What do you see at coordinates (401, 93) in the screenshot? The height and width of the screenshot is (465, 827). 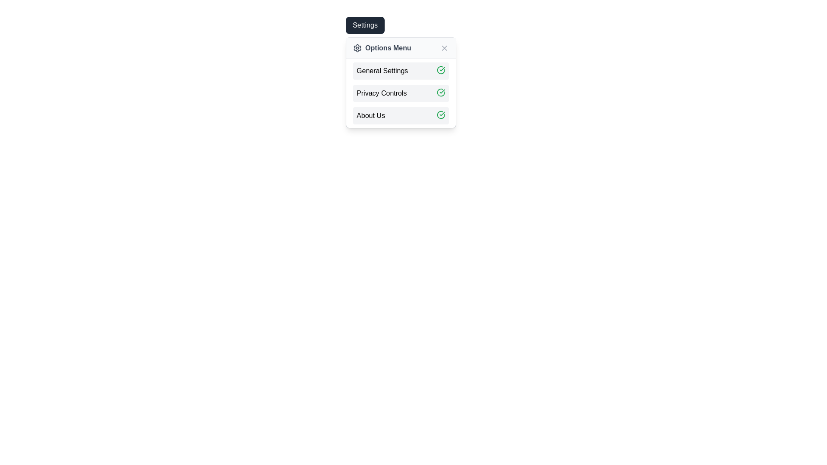 I see `the 'Privacy Controls' menu item, which is the second item in the 'Options Menu' dropdown` at bounding box center [401, 93].